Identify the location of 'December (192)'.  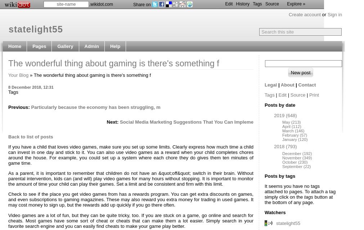
(296, 152).